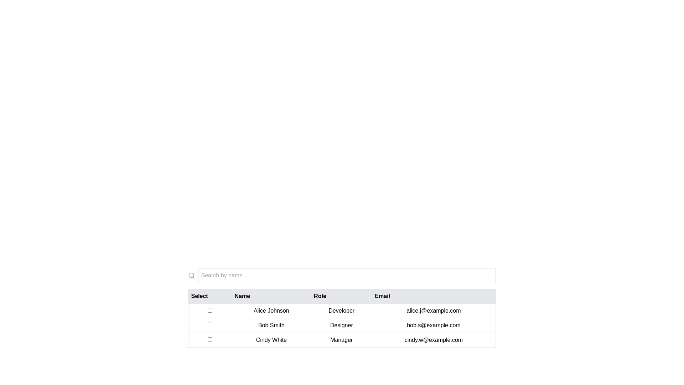 Image resolution: width=684 pixels, height=385 pixels. I want to click on the small SVG circle located at the center of the magnifier icon in the search area, which is positioned to the left of the search bar at the top of the table interface, so click(191, 275).